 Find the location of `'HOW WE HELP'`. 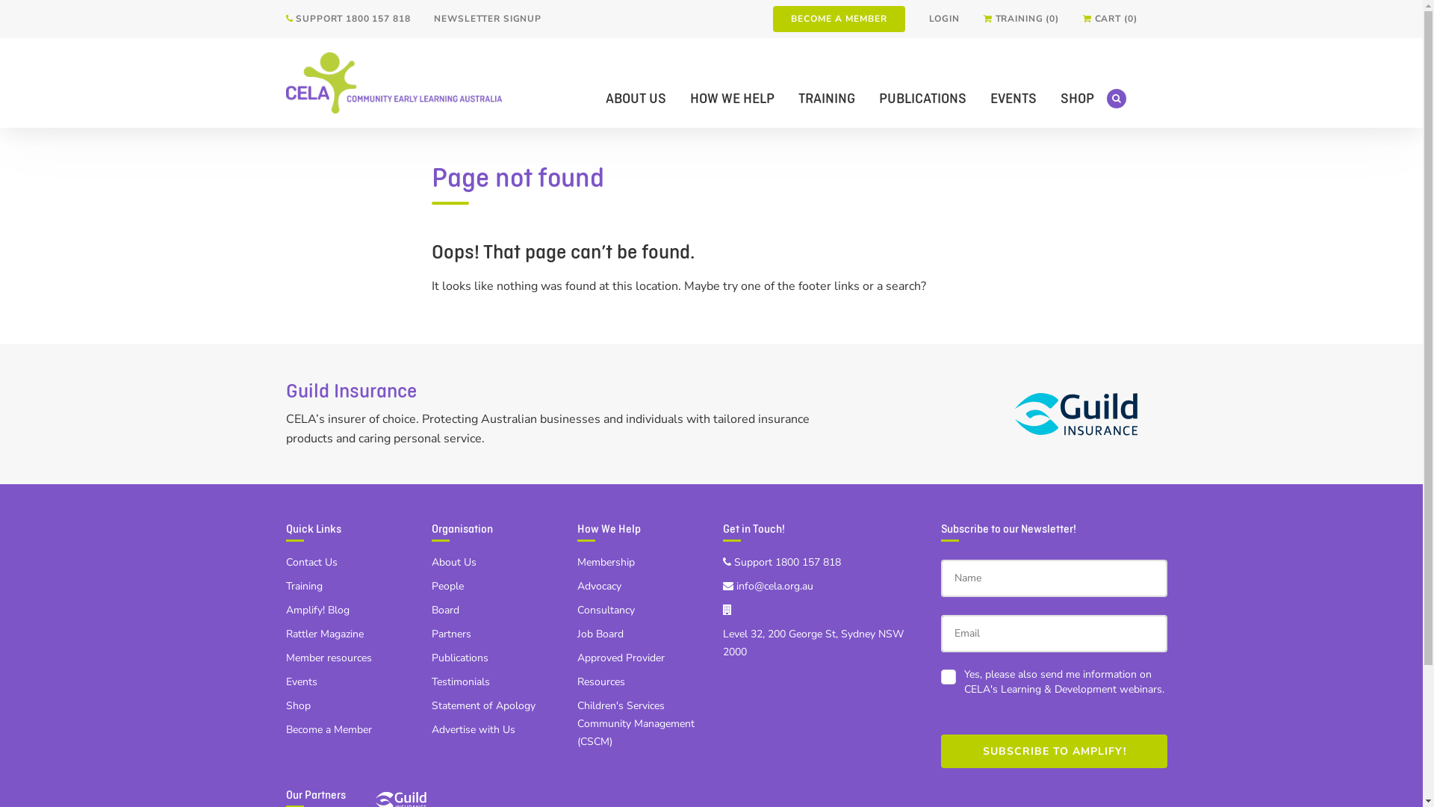

'HOW WE HELP' is located at coordinates (732, 98).